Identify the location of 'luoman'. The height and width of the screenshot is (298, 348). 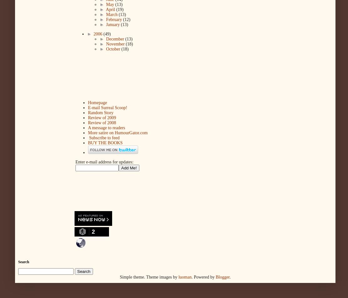
(178, 277).